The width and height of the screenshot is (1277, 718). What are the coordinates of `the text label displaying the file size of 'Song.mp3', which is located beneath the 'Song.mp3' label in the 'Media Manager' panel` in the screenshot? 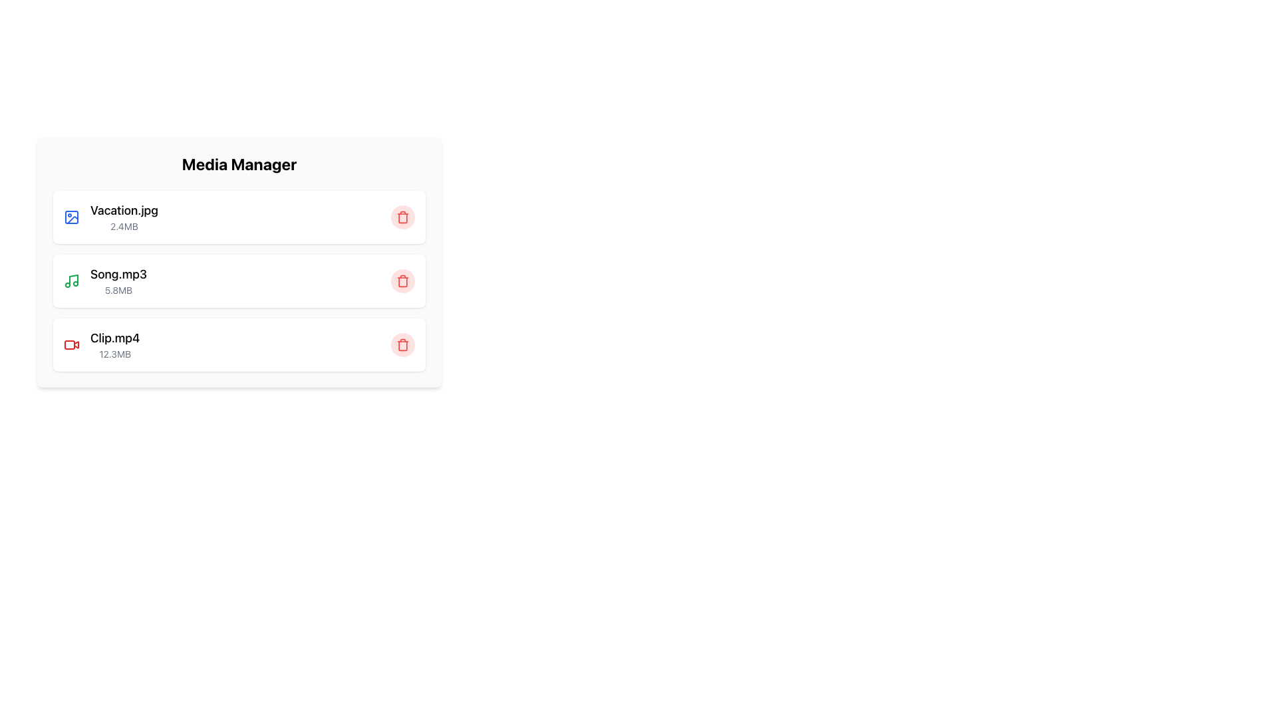 It's located at (118, 289).